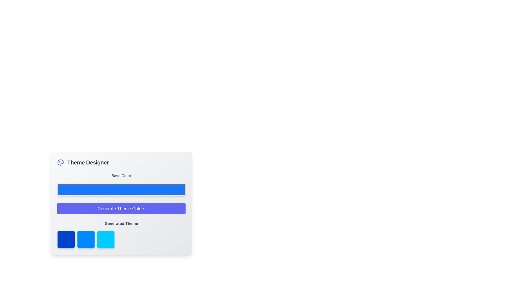 The image size is (531, 298). Describe the element at coordinates (106, 239) in the screenshot. I see `the rightmost square color swatch located below the 'Generated Theme' section` at that location.